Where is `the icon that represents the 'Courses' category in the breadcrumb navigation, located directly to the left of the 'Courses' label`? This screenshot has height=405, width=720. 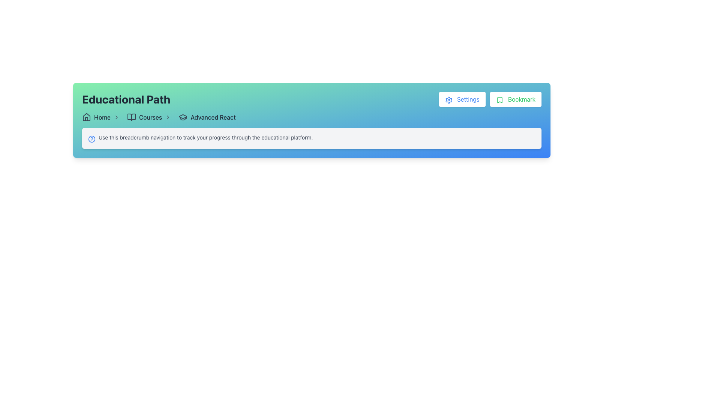
the icon that represents the 'Courses' category in the breadcrumb navigation, located directly to the left of the 'Courses' label is located at coordinates (131, 117).